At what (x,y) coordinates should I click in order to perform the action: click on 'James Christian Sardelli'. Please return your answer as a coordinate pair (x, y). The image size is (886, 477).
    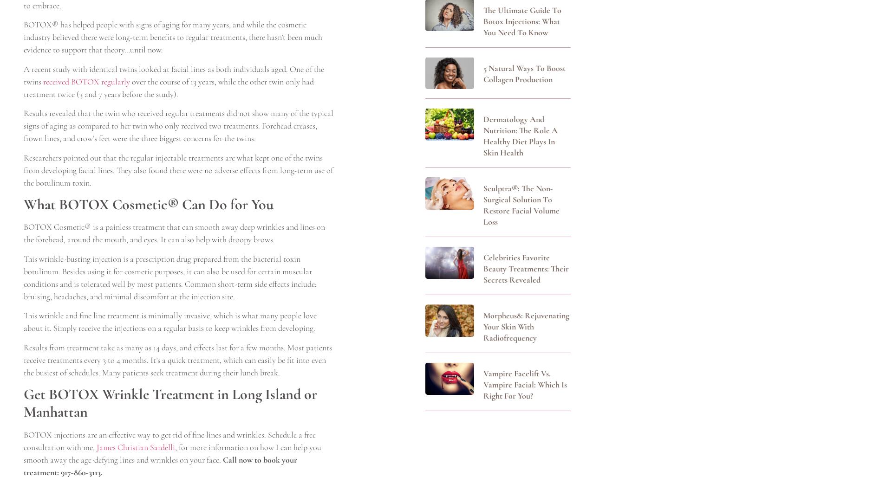
    Looking at the image, I should click on (136, 447).